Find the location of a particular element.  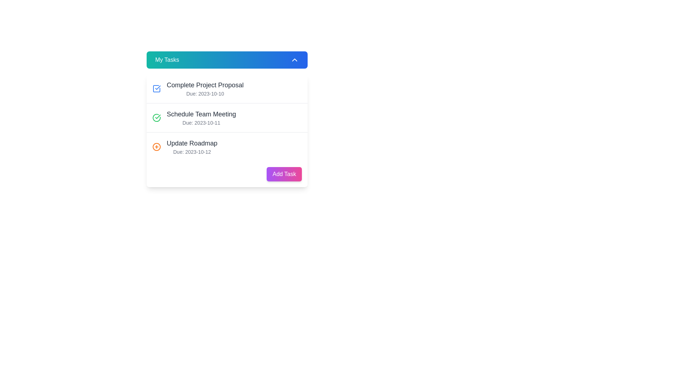

the blue checkmark icon that is styled with a modern flat design and is located to the left of the 'Complete Project Proposal' text in the 'My Tasks' section to change its state is located at coordinates (156, 88).